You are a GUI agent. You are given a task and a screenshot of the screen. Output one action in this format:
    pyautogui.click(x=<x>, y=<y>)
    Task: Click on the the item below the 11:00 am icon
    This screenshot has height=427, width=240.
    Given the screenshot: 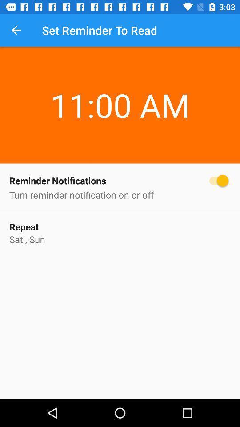 What is the action you would take?
    pyautogui.click(x=120, y=180)
    